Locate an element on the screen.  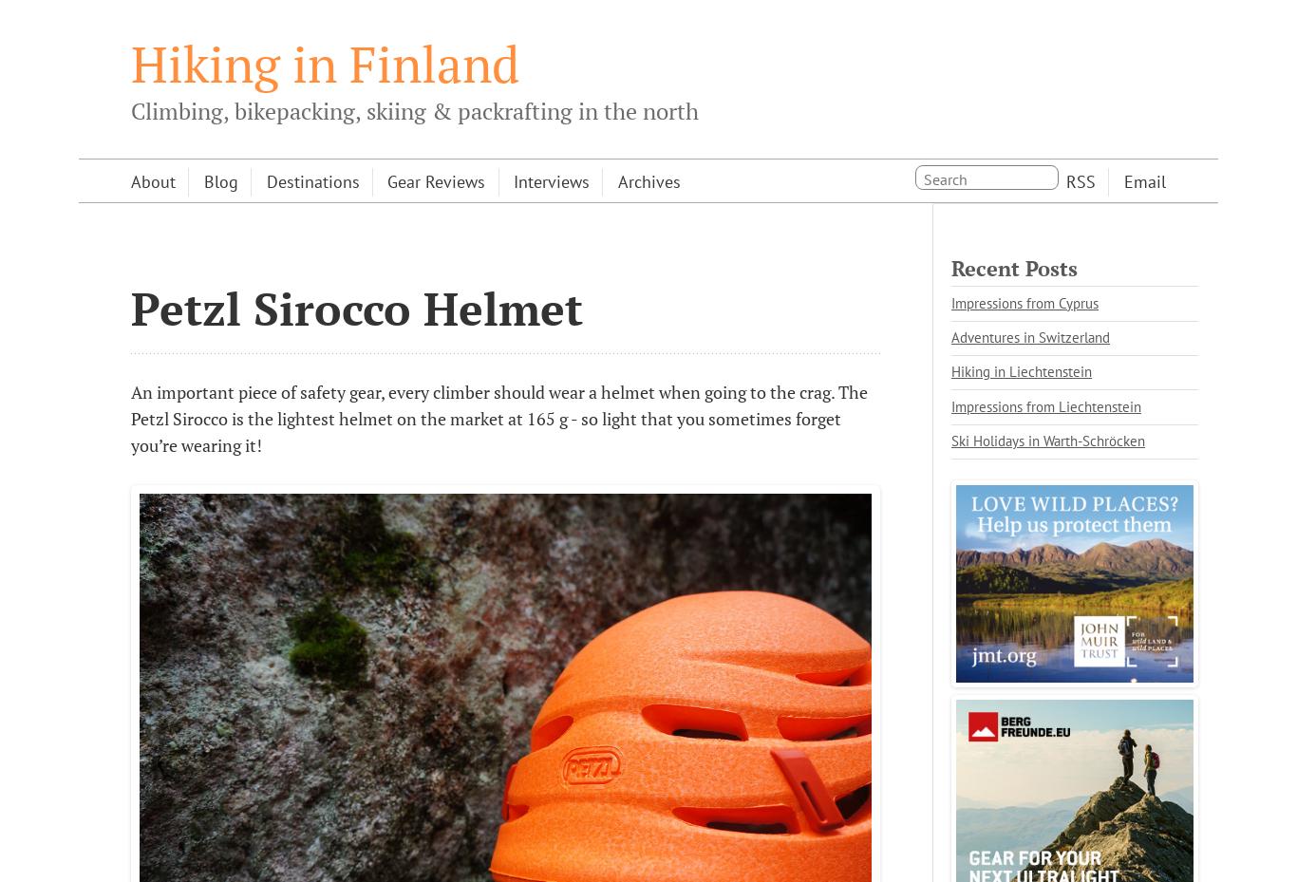
'An important piece of safety gear, every climber should wear a helmet when going to the crag. The Petzl Sirocco is the lightest helmet on the market at 165 g - so light that you sometimes forget you’re wearing it!' is located at coordinates (129, 417).